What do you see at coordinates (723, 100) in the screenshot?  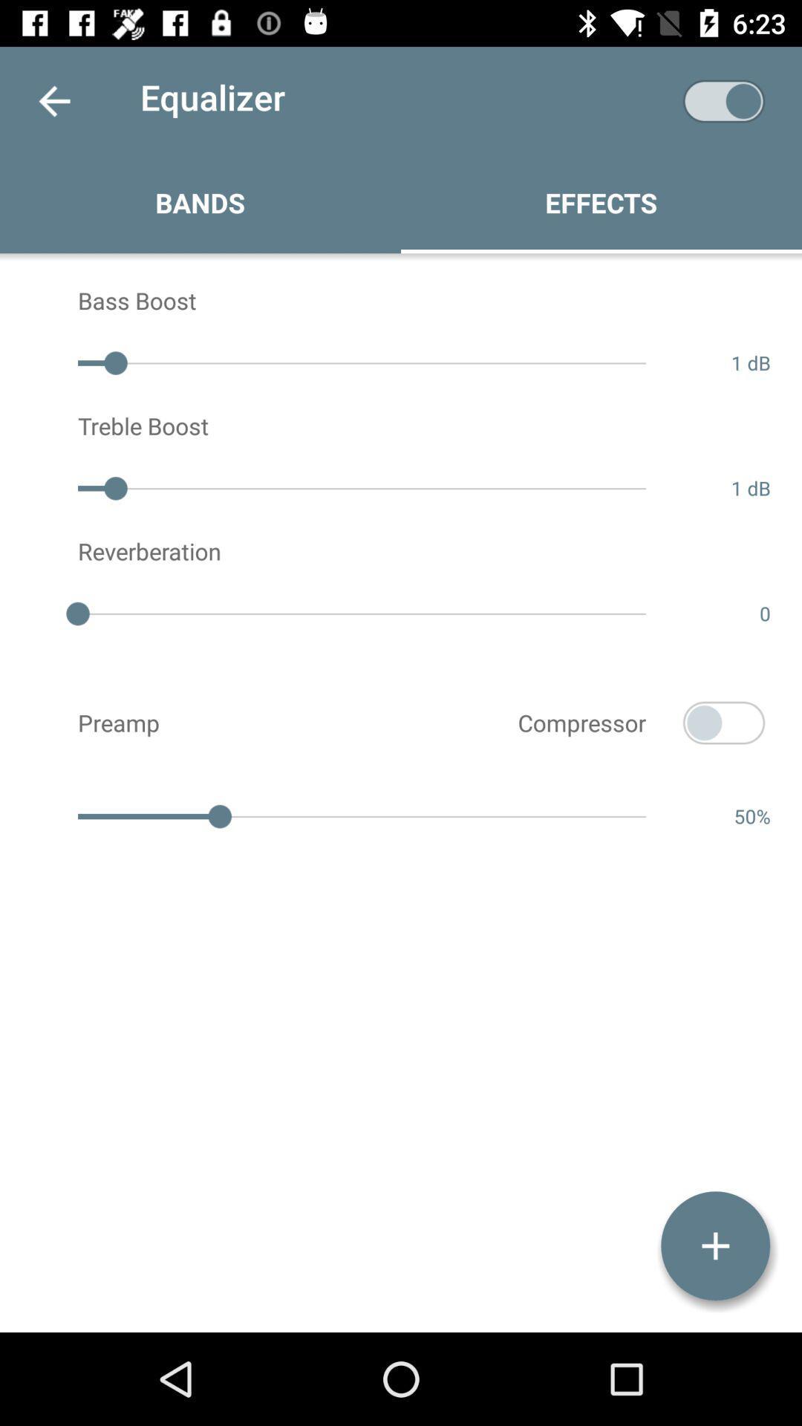 I see `the app to the right of effects icon` at bounding box center [723, 100].